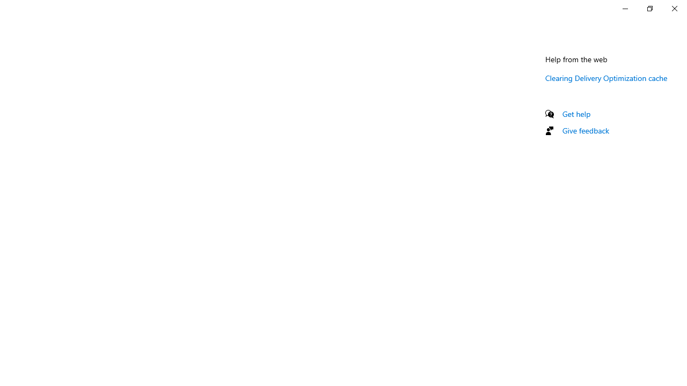 Image resolution: width=687 pixels, height=386 pixels. I want to click on 'Restore Settings', so click(649, 8).